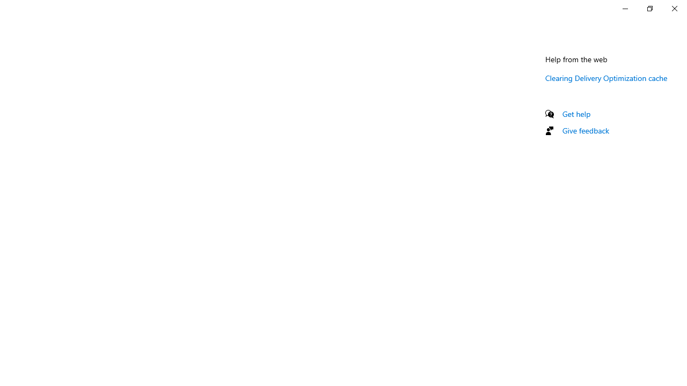 Image resolution: width=687 pixels, height=386 pixels. I want to click on 'Restore Settings', so click(649, 8).